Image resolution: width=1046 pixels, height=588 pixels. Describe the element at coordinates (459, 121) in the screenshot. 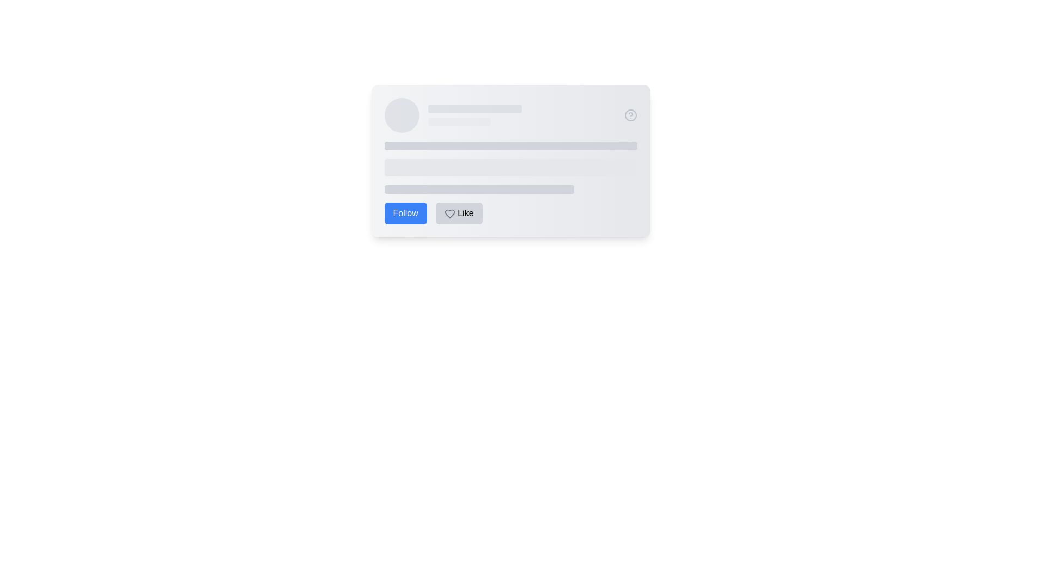

I see `the progress bar located below the sibling bar in the upper-middle portion of the card-like structure, which has a light gray background and rounded edges` at that location.